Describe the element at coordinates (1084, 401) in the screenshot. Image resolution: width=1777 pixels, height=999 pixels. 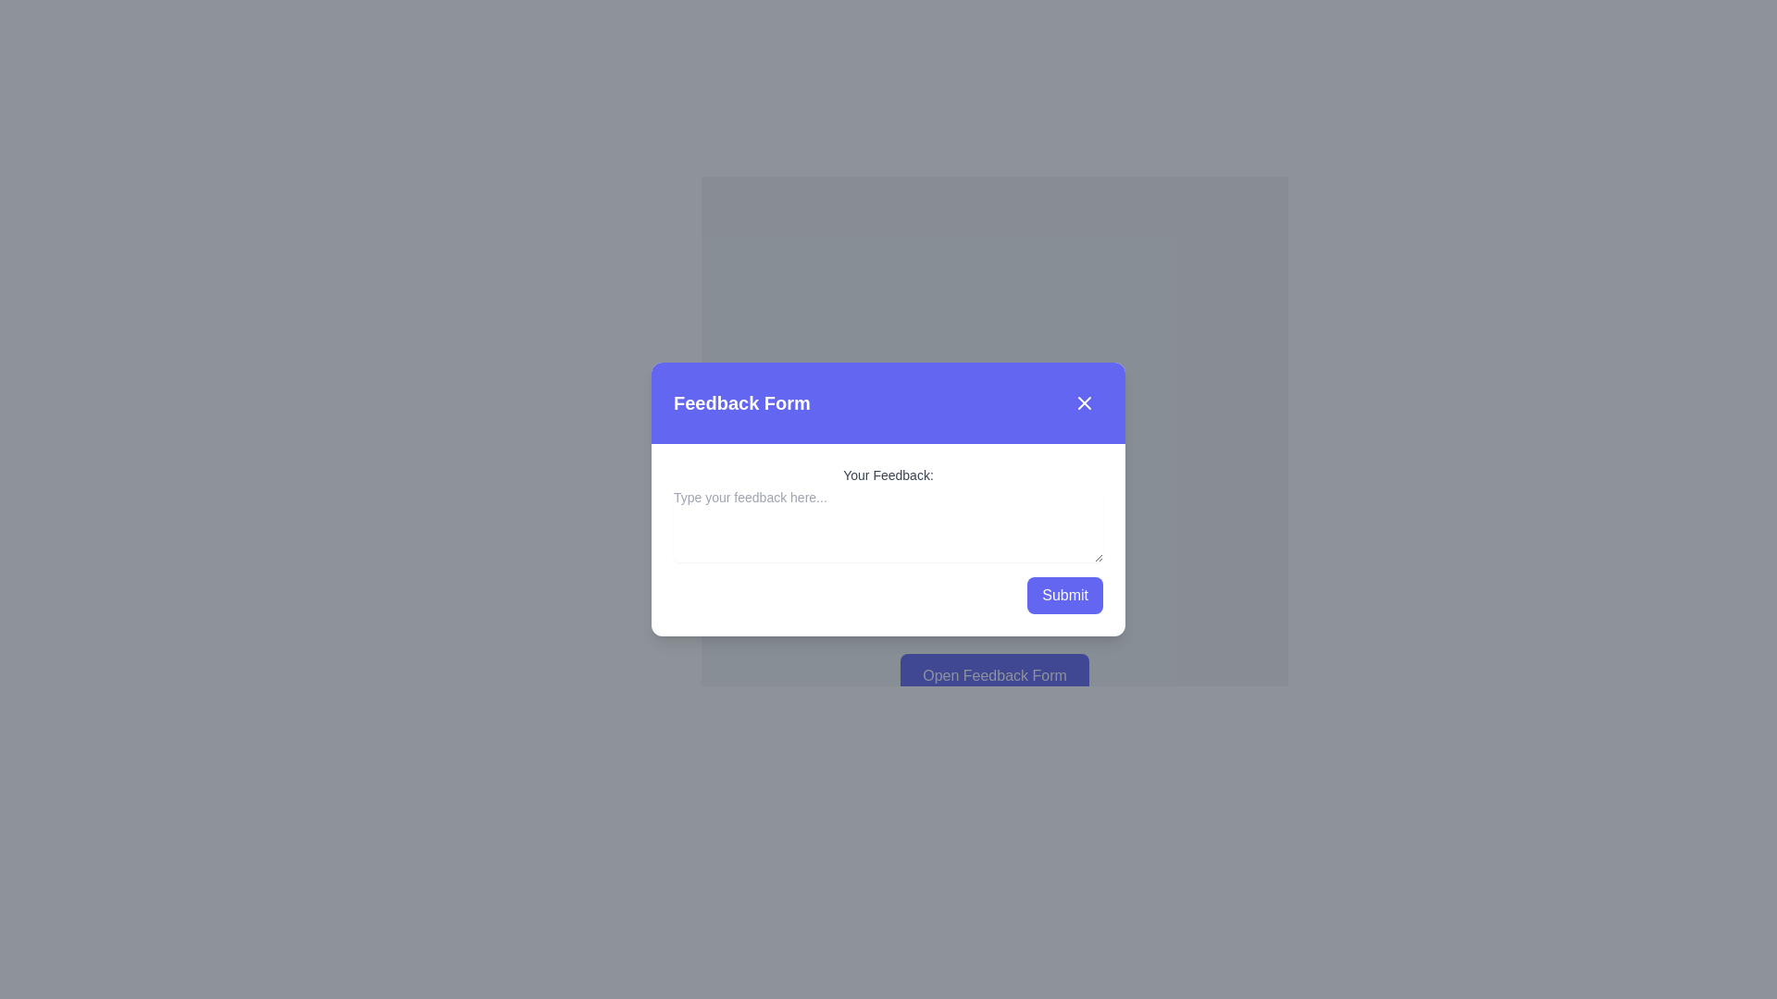
I see `the close button with an 'X' icon located at the top-right corner of the modal's blue header section` at that location.